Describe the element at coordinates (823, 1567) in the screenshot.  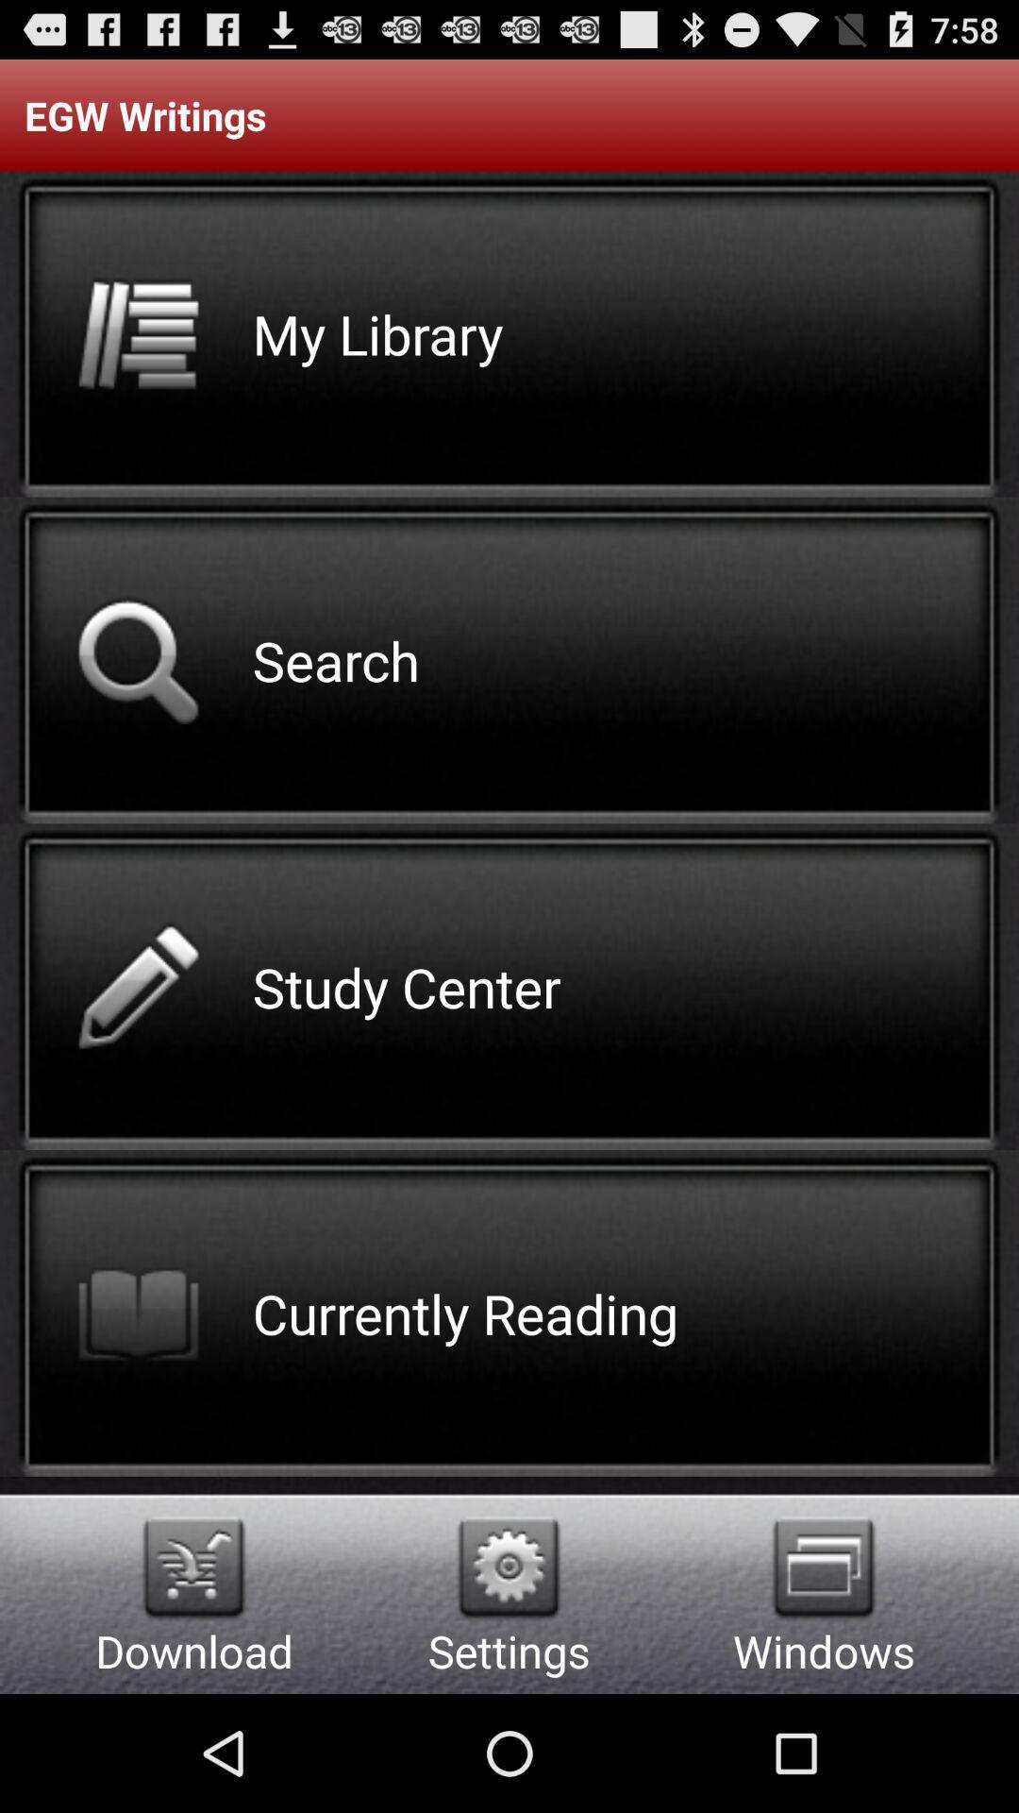
I see `open the menu up in a new window` at that location.